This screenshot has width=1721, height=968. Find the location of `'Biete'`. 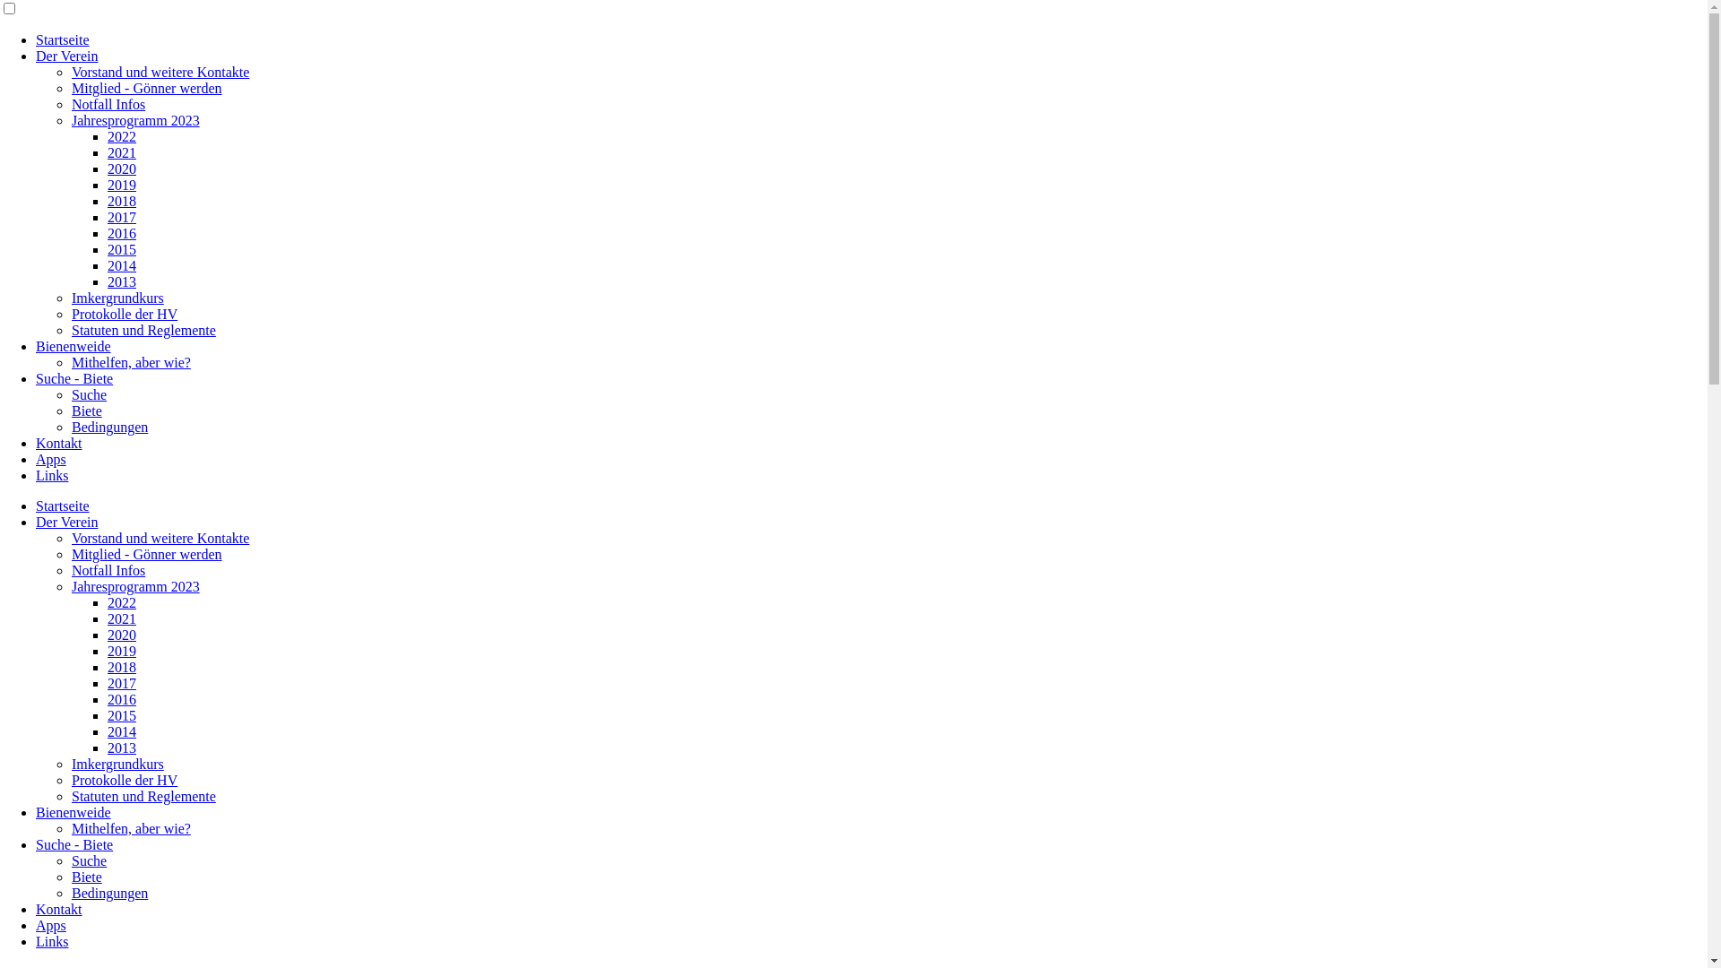

'Biete' is located at coordinates (85, 876).